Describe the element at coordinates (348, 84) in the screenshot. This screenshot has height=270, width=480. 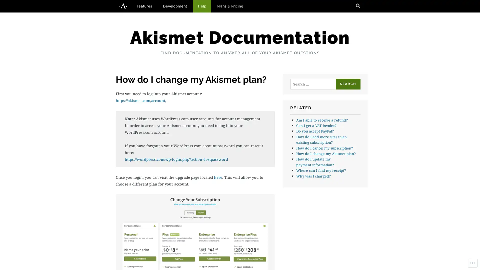
I see `Search` at that location.